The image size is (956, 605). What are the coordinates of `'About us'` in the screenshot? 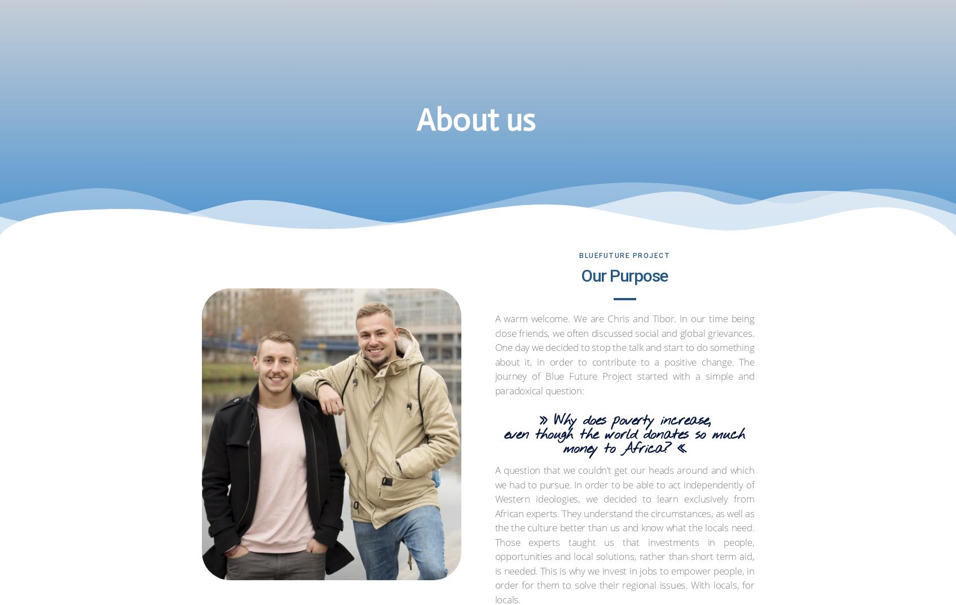 It's located at (530, 26).